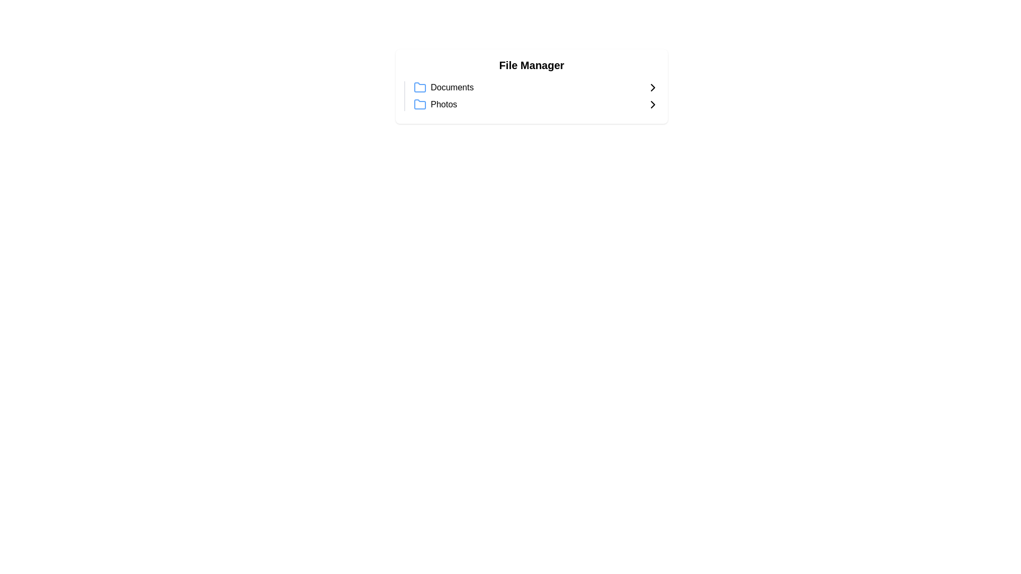 Image resolution: width=1021 pixels, height=574 pixels. What do you see at coordinates (536, 104) in the screenshot?
I see `the second row in the file manager labeled 'Photos'` at bounding box center [536, 104].